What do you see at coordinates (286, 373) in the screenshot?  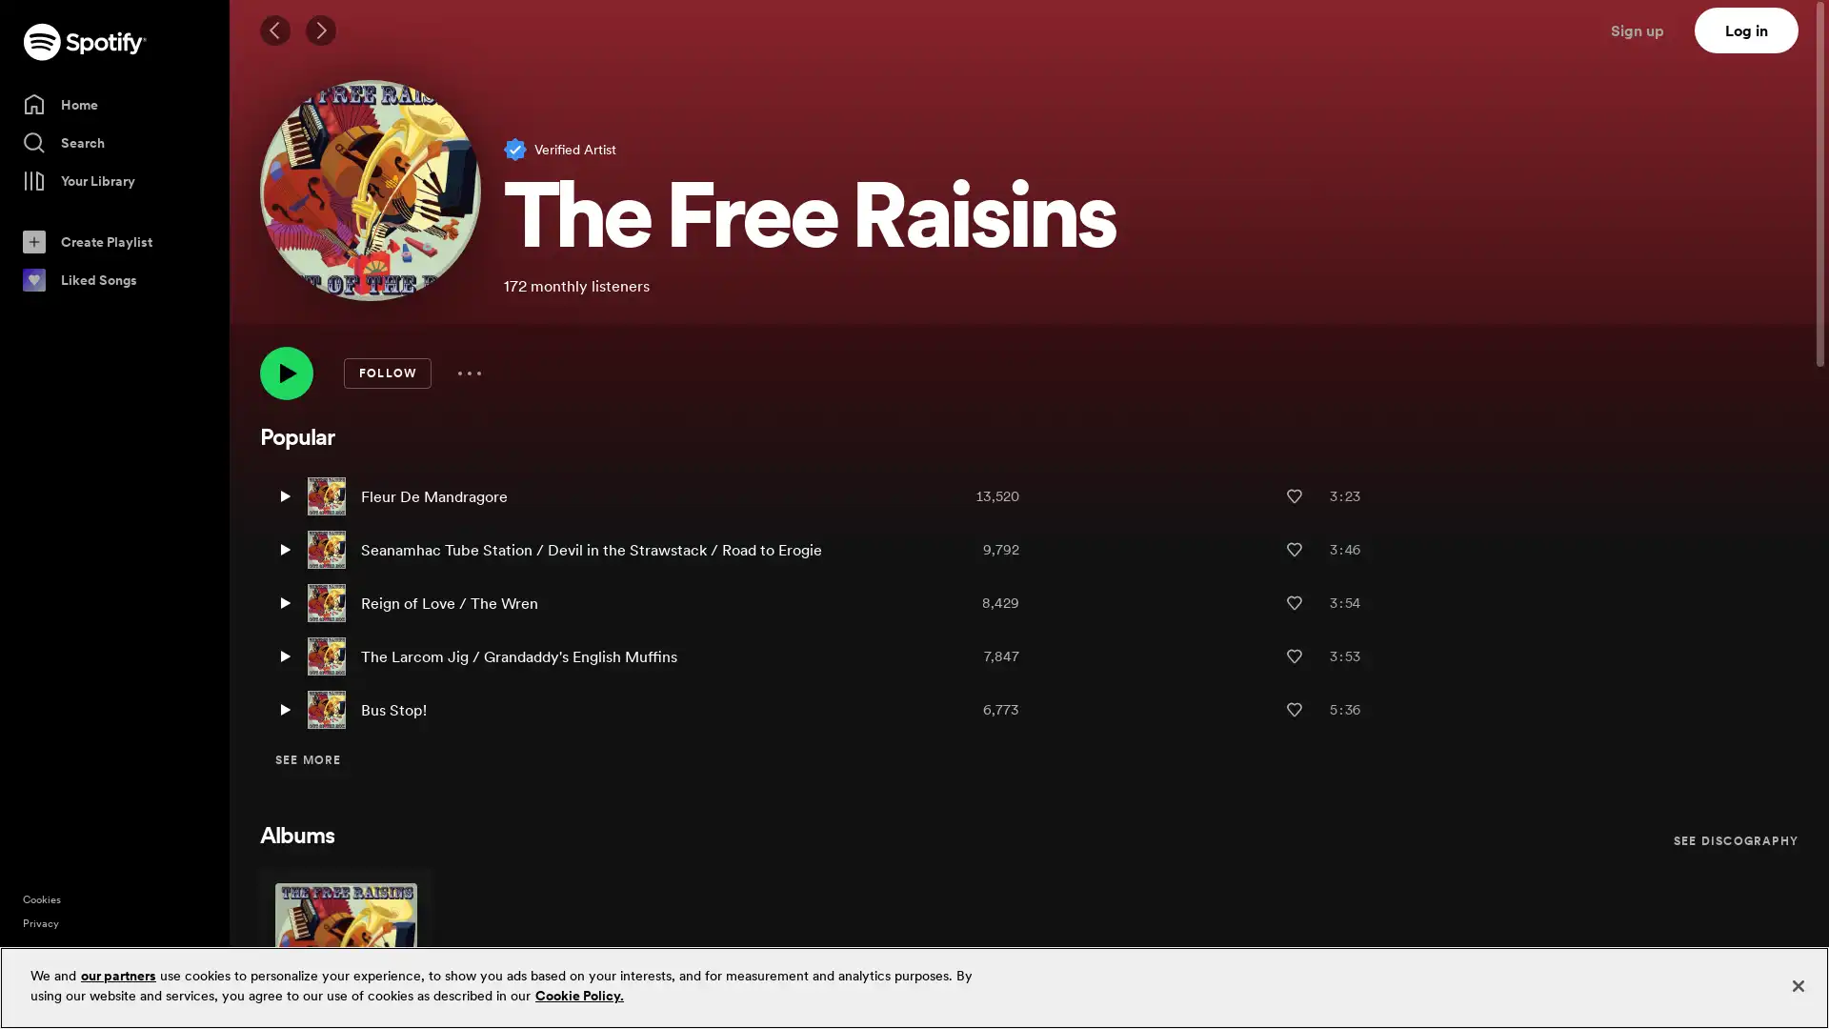 I see `Play` at bounding box center [286, 373].